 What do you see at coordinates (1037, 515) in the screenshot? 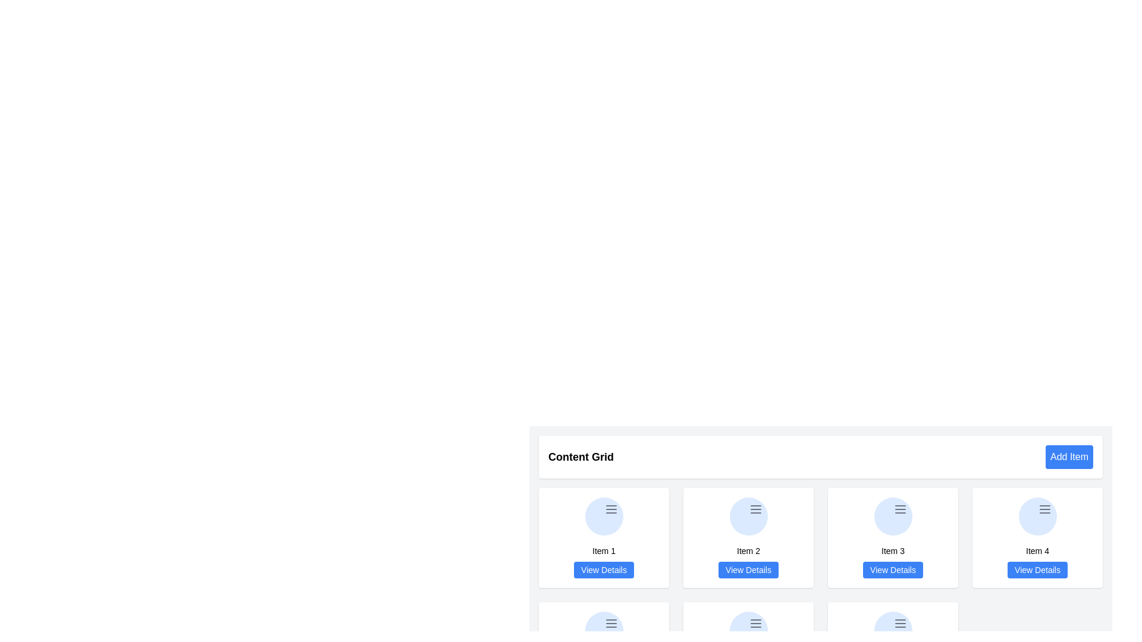
I see `the graphical marker for 'Item 4' card, located at the top-center of the card, above the text label 'Item 4' and the 'View Details' button` at bounding box center [1037, 515].